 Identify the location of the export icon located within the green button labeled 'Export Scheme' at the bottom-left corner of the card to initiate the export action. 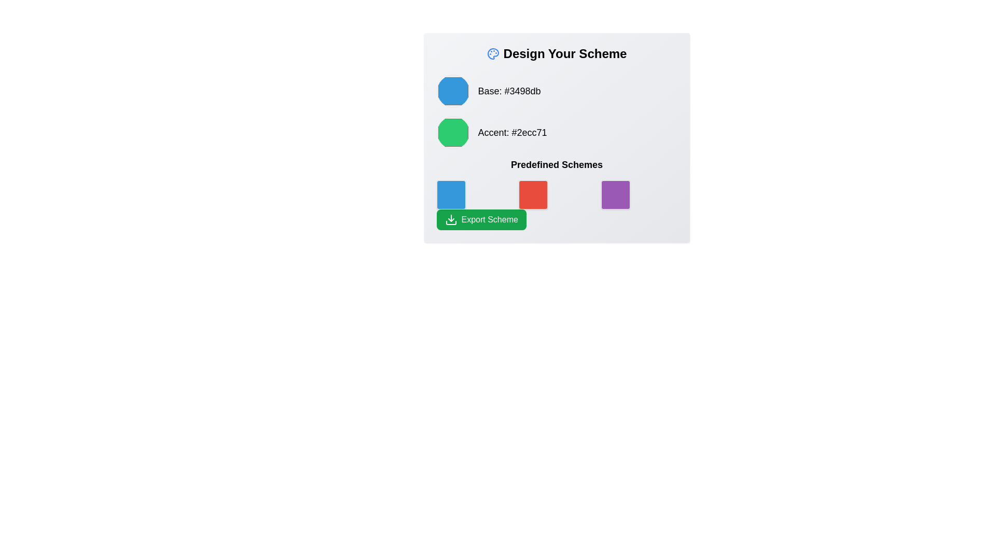
(451, 219).